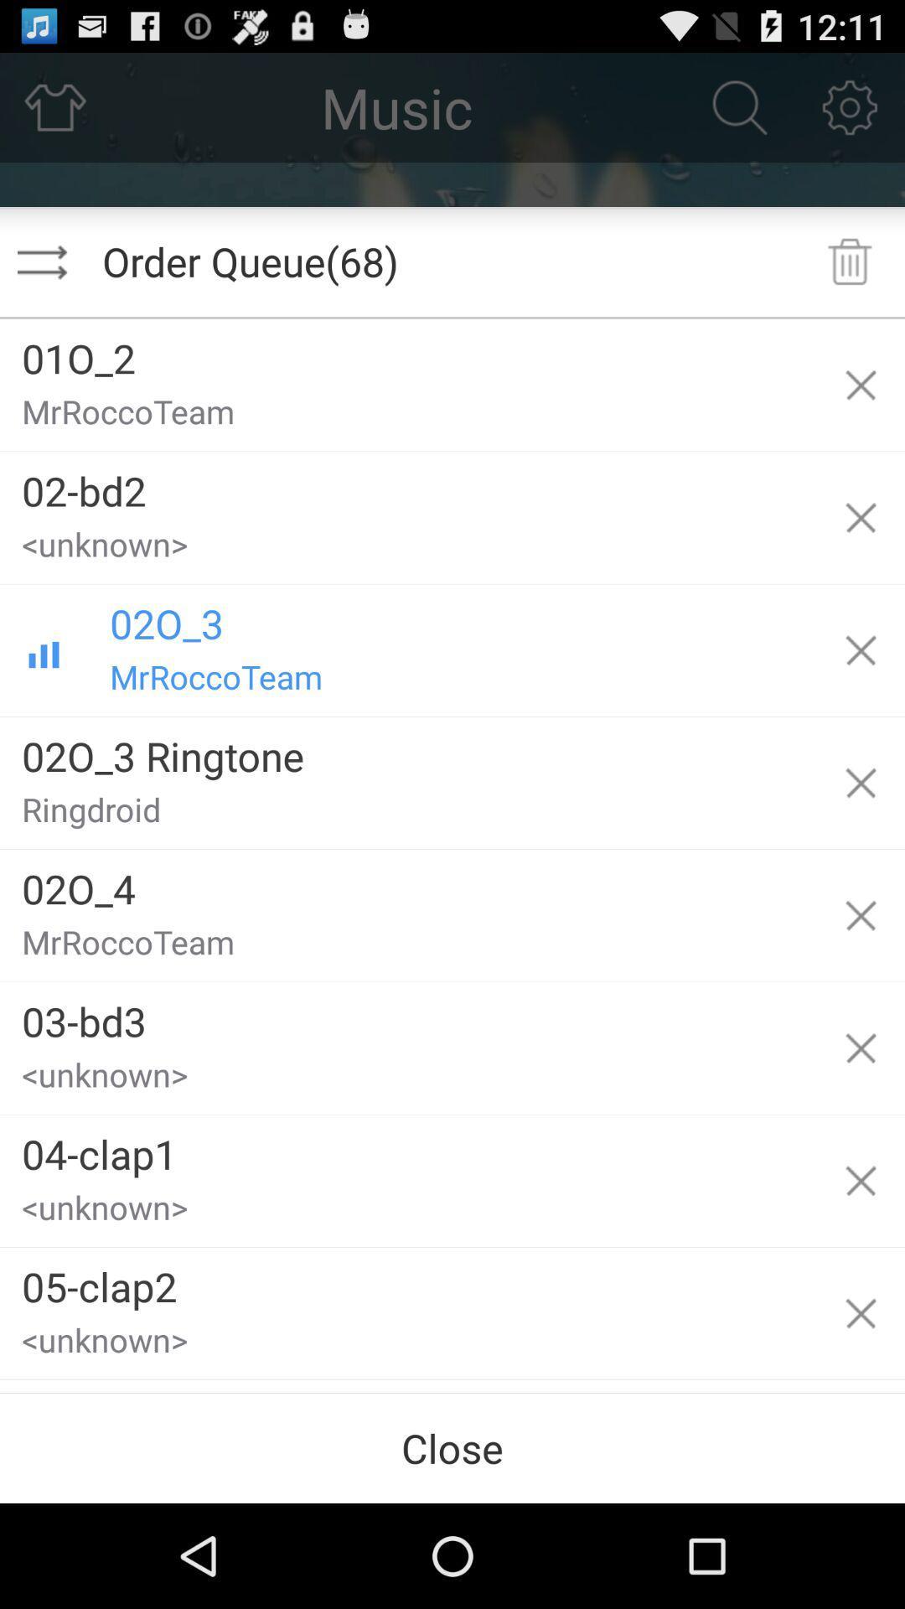 The width and height of the screenshot is (905, 1609). I want to click on the item below 06-crash1, so click(452, 1447).